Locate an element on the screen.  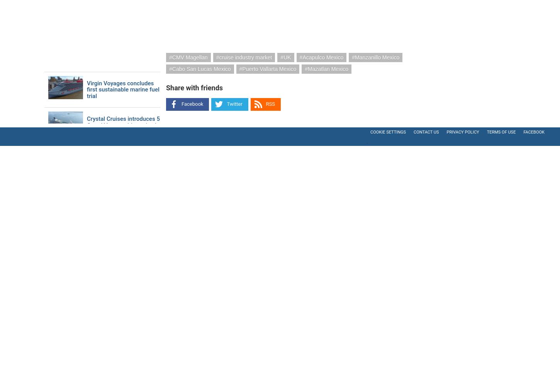
'Puerto Vallarta Mexico' is located at coordinates (269, 69).